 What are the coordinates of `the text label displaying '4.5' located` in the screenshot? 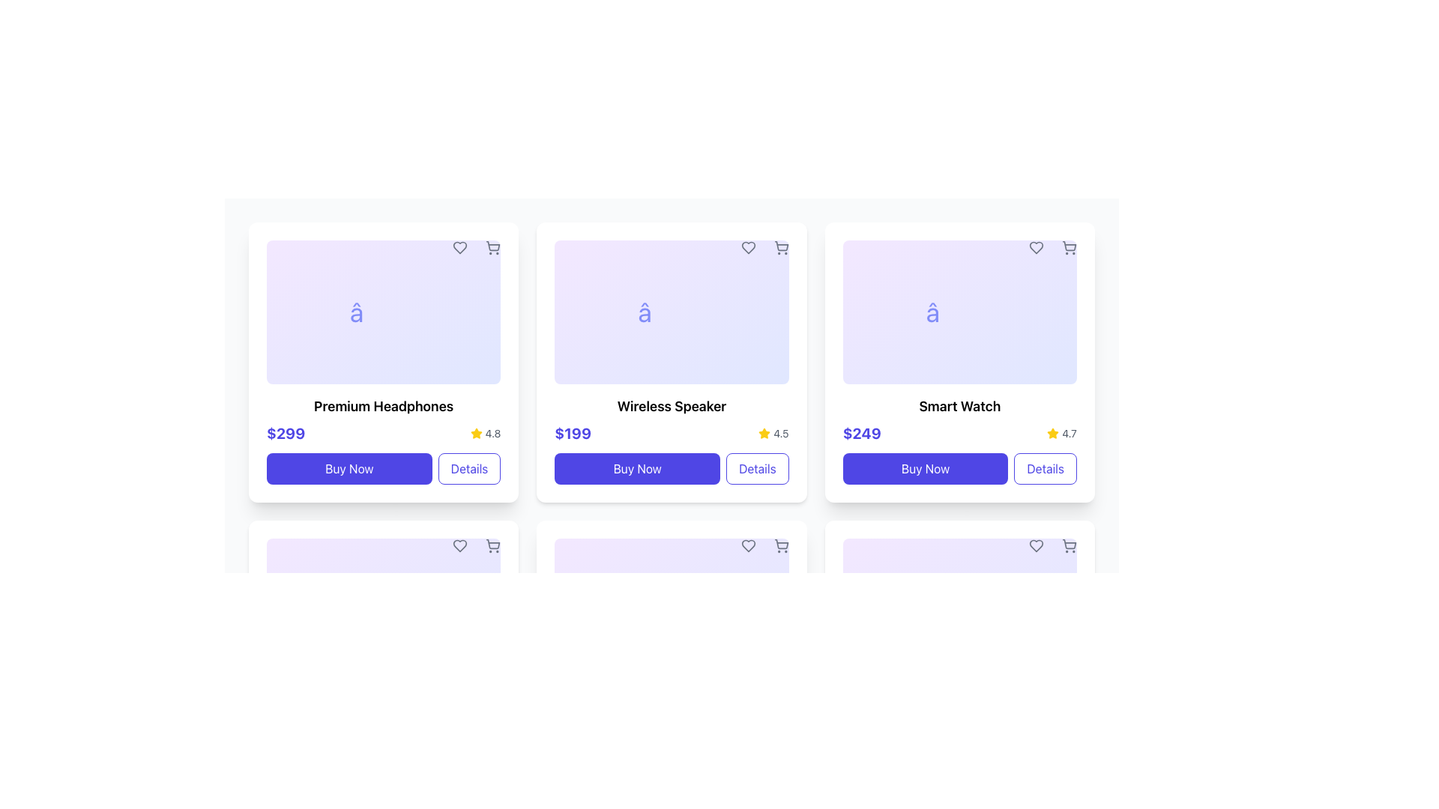 It's located at (780, 433).